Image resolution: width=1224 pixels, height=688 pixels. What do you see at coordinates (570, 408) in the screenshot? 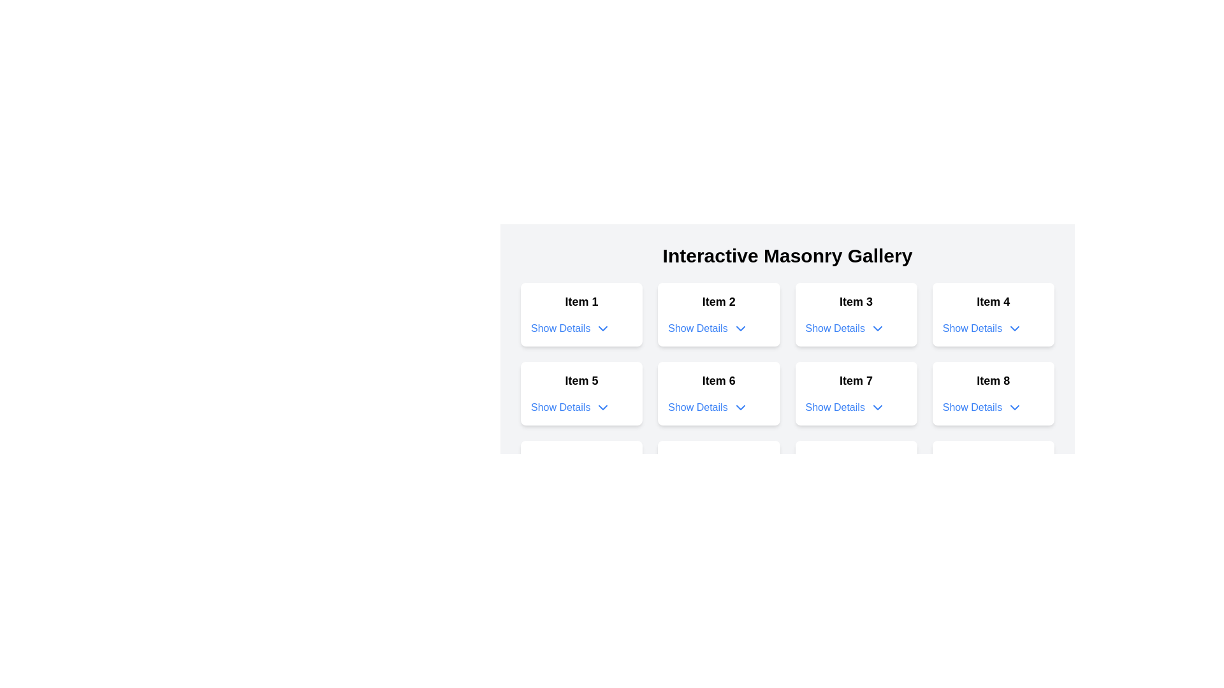
I see `the interactive link styled in bold blue text displaying 'Show Details' with a chevron-down icon, located within the 'Item 5' card below the main title 'Item 5'` at bounding box center [570, 408].